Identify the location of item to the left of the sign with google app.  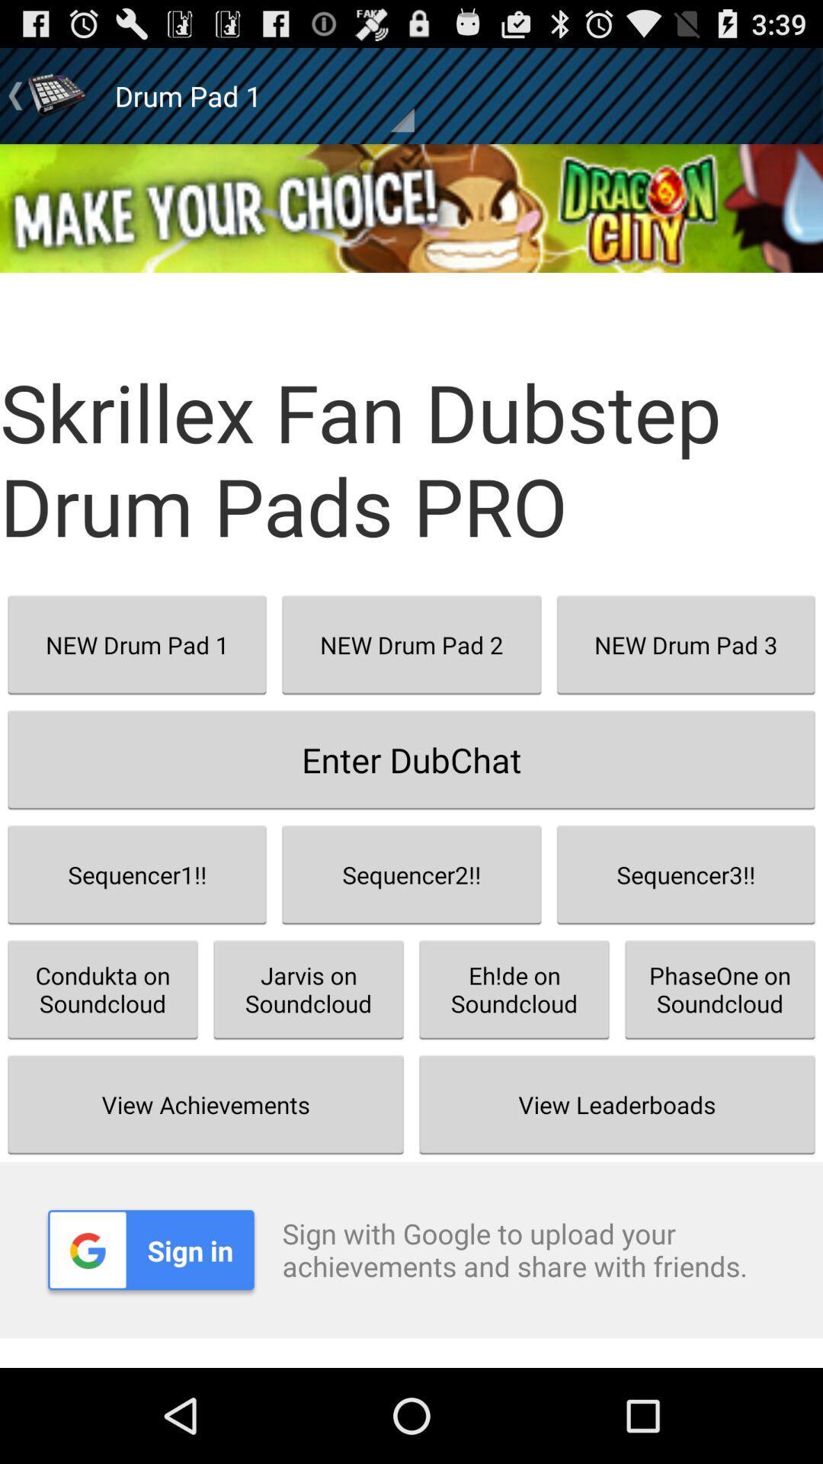
(151, 1250).